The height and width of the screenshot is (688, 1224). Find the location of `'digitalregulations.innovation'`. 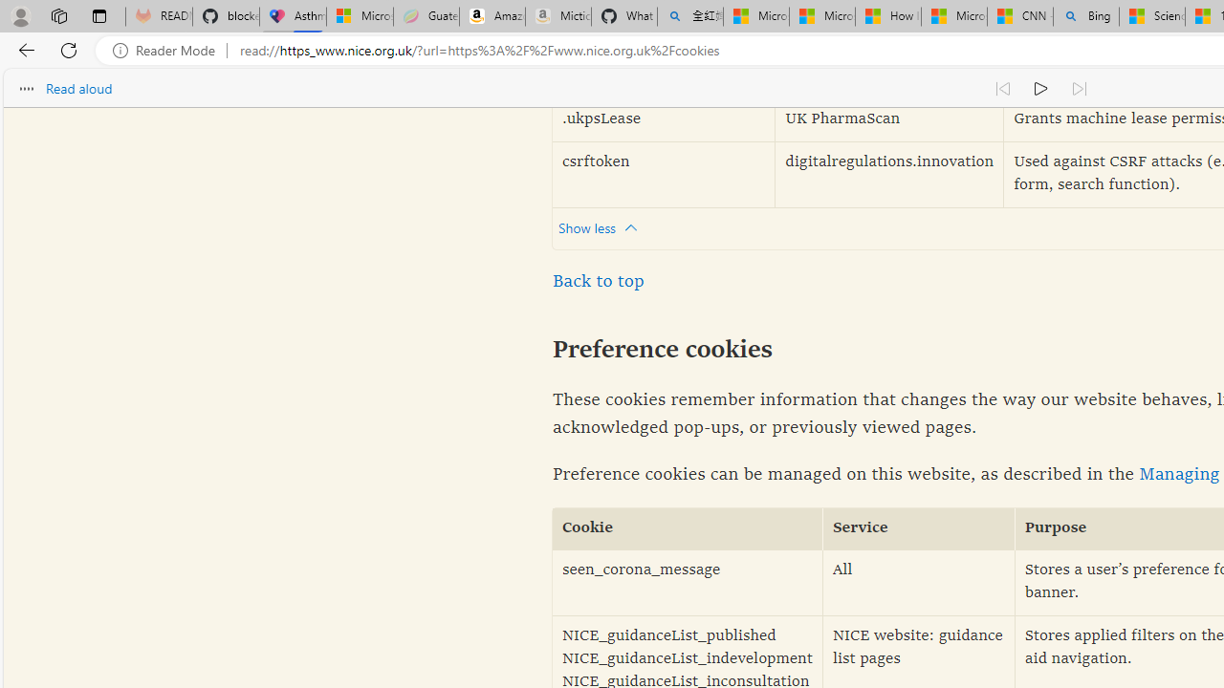

'digitalregulations.innovation' is located at coordinates (887, 174).